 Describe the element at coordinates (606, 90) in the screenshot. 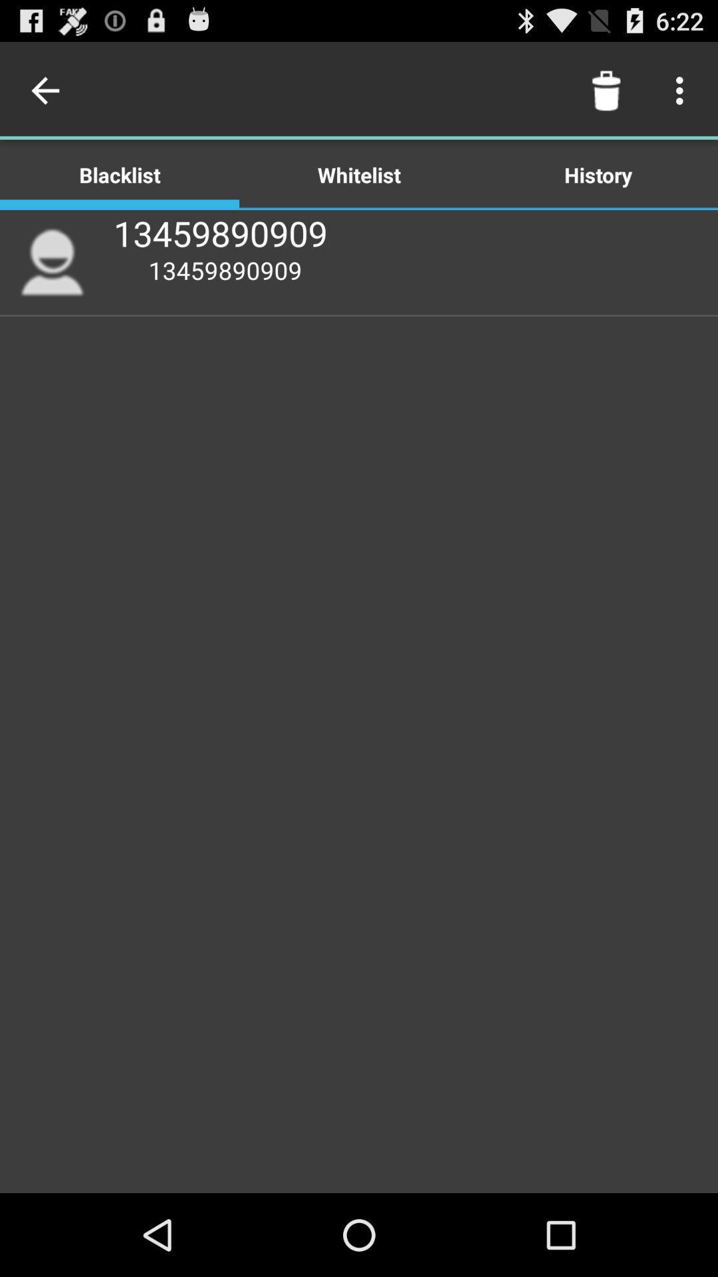

I see `icon to the right of whitelist icon` at that location.